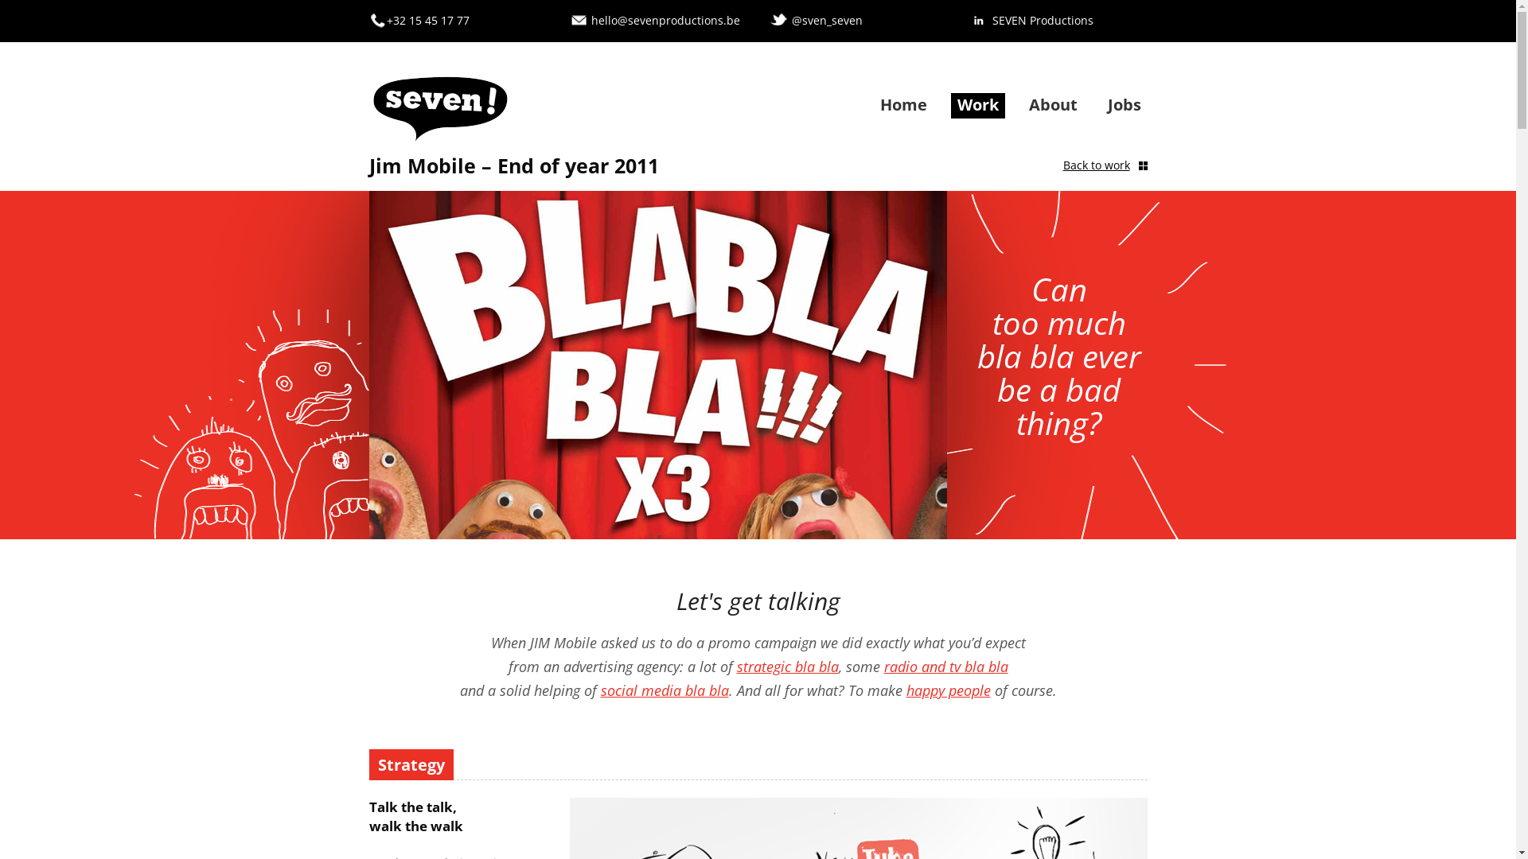  I want to click on 'hello@sevenproductions.be', so click(665, 20).